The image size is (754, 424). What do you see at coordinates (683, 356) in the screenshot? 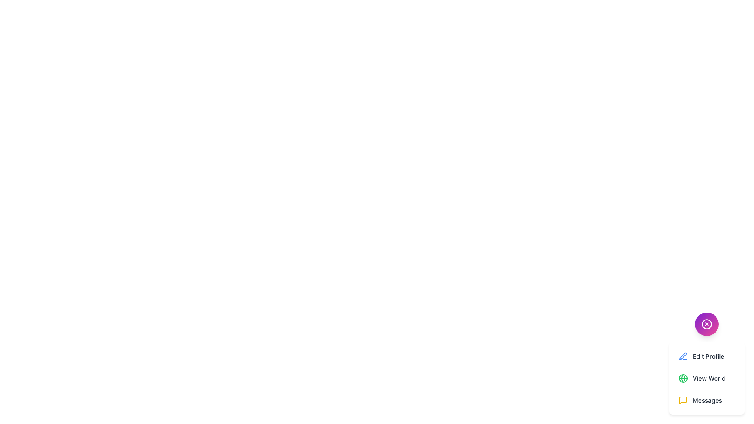
I see `the blue pen icon located to the left of the 'Edit Profile' text in the user menu` at bounding box center [683, 356].